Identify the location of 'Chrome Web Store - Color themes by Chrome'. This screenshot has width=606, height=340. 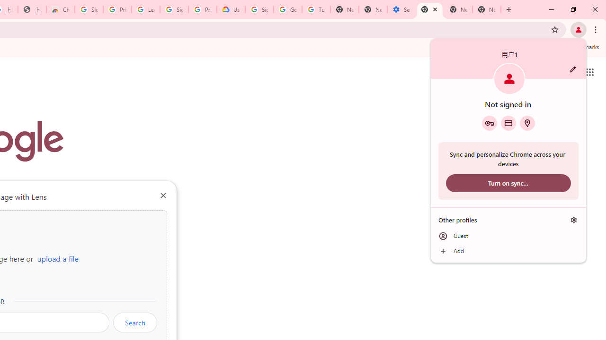
(60, 9).